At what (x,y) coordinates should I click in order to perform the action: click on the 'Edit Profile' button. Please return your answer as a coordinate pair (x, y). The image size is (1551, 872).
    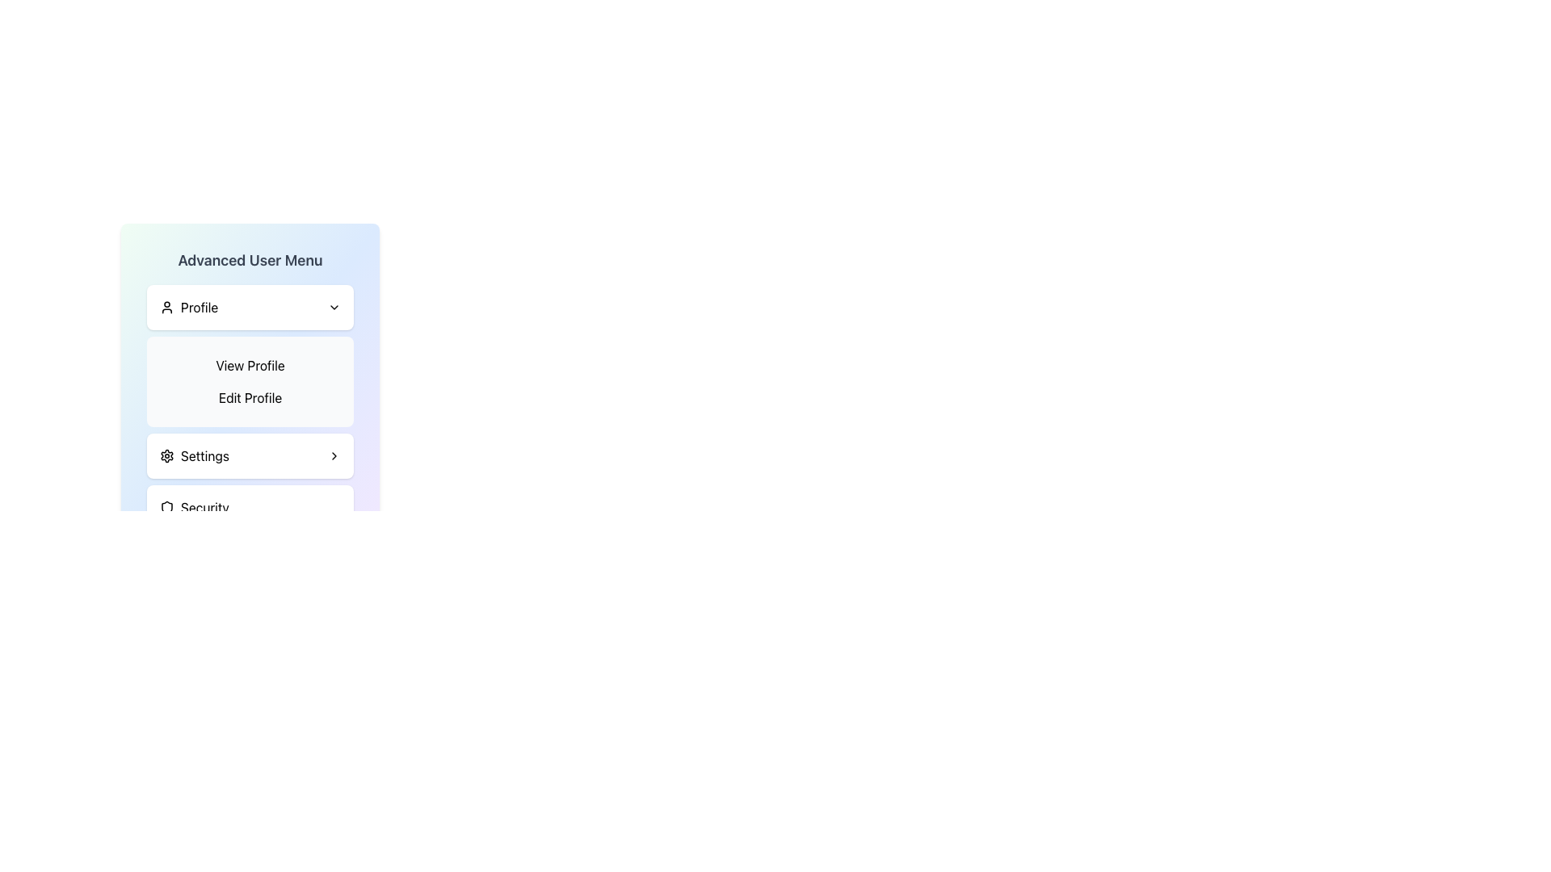
    Looking at the image, I should click on (250, 398).